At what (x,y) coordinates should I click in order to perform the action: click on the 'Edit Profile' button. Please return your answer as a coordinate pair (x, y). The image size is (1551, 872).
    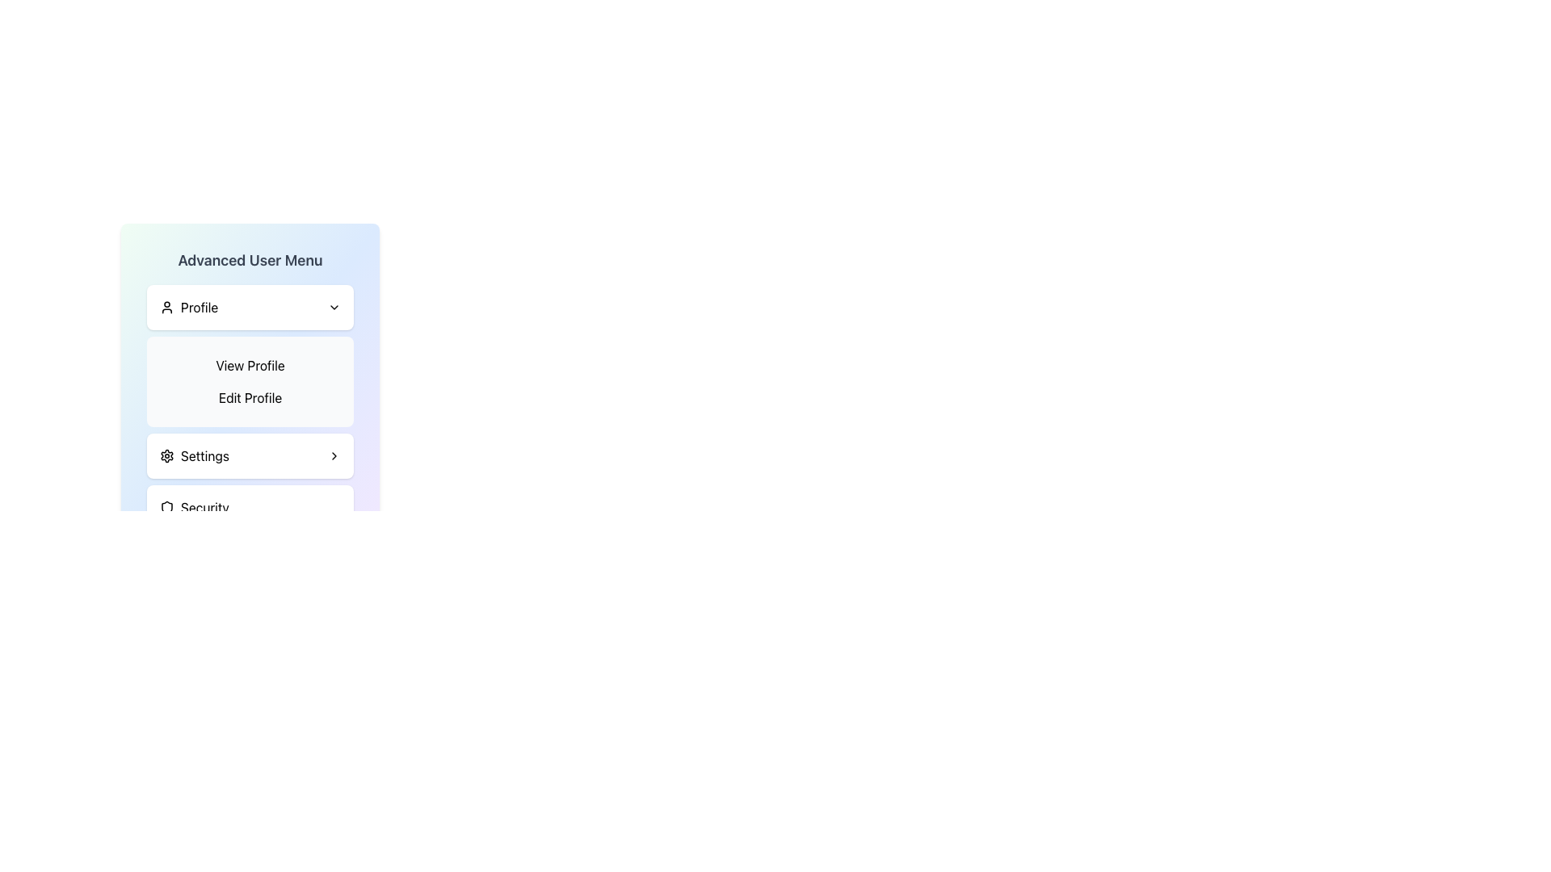
    Looking at the image, I should click on (250, 398).